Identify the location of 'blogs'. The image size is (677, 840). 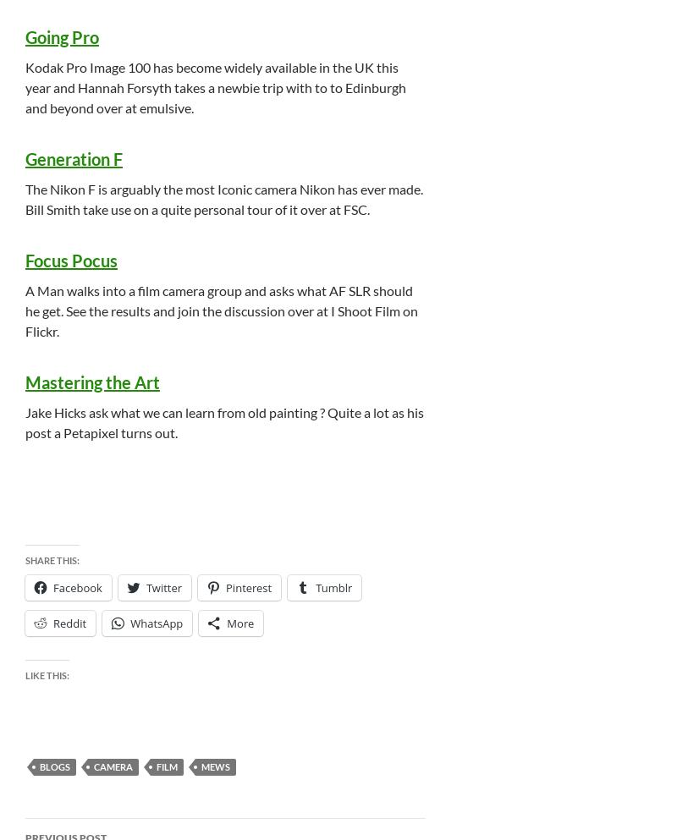
(53, 766).